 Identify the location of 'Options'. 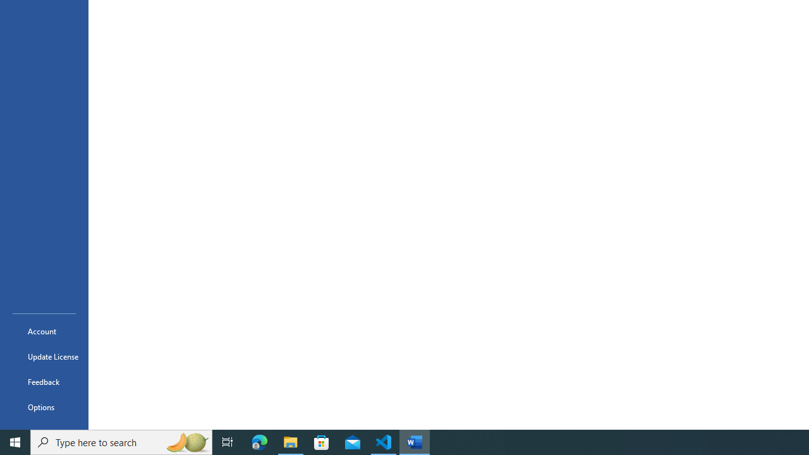
(44, 407).